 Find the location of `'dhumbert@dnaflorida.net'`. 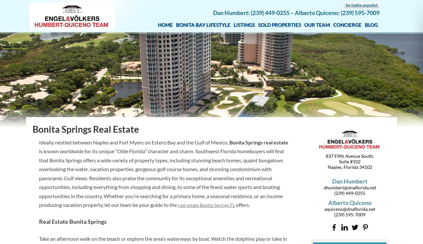

'dhumbert@dnaflorida.net' is located at coordinates (349, 187).